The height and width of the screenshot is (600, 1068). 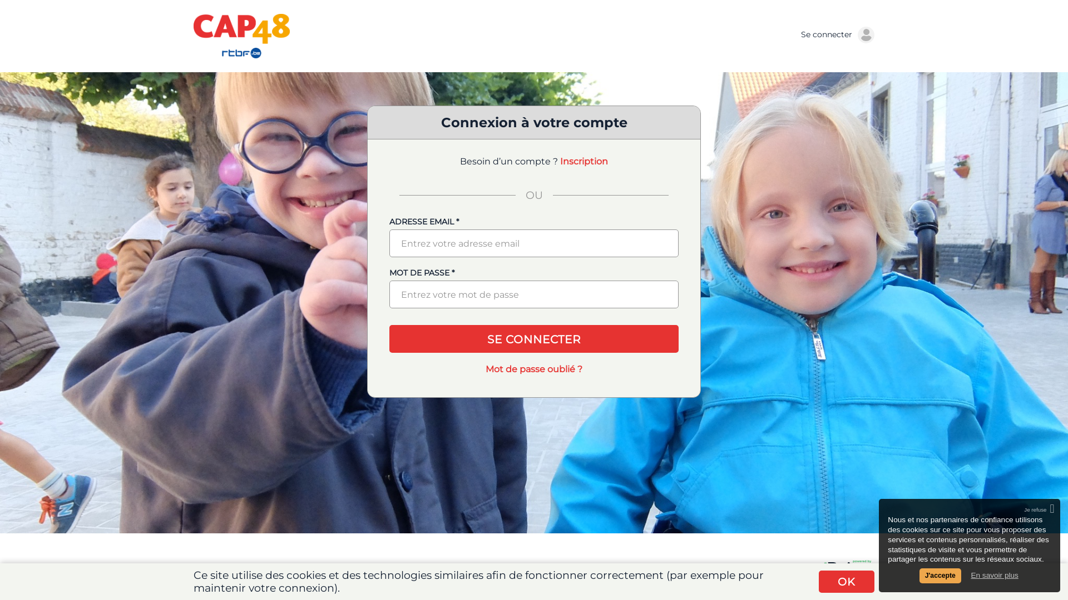 What do you see at coordinates (584, 161) in the screenshot?
I see `'Inscription'` at bounding box center [584, 161].